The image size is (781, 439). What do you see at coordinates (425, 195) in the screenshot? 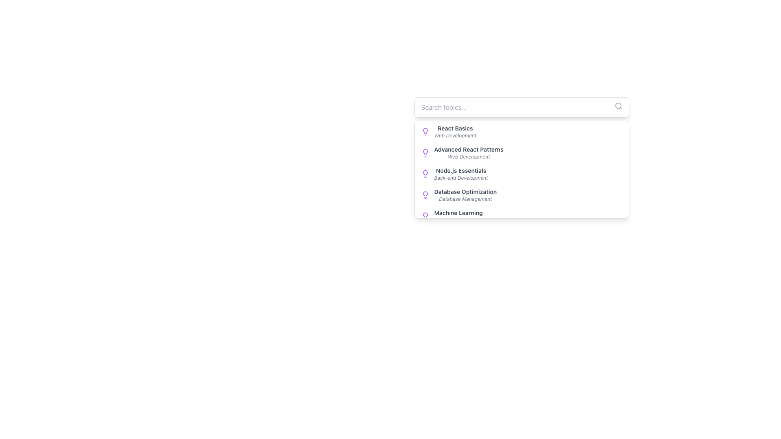
I see `the purple lightbulb icon located` at bounding box center [425, 195].